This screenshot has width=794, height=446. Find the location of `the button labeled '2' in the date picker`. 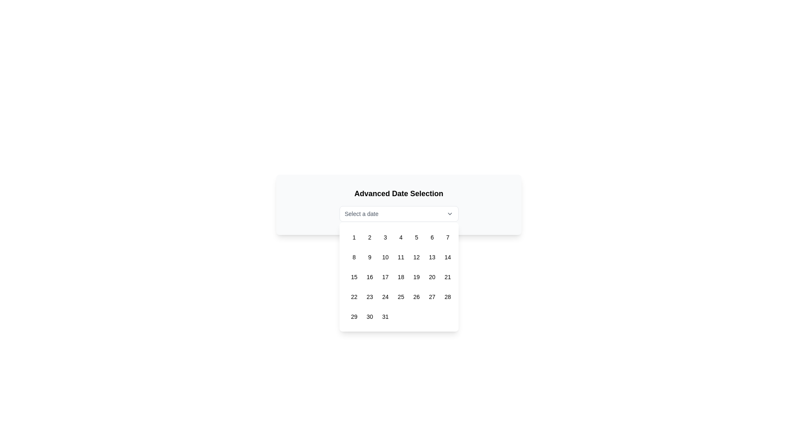

the button labeled '2' in the date picker is located at coordinates (369, 237).